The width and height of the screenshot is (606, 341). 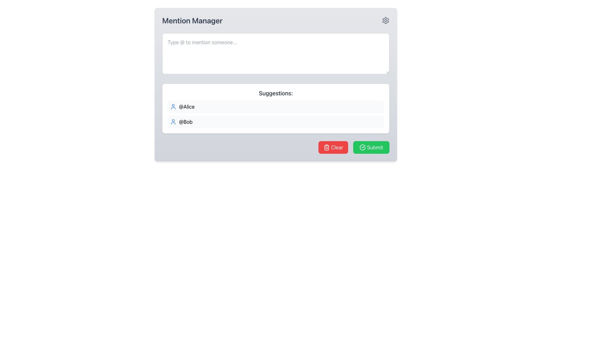 I want to click on the user icon representing '@Bob' in the suggestions list to confirm selection, so click(x=173, y=122).